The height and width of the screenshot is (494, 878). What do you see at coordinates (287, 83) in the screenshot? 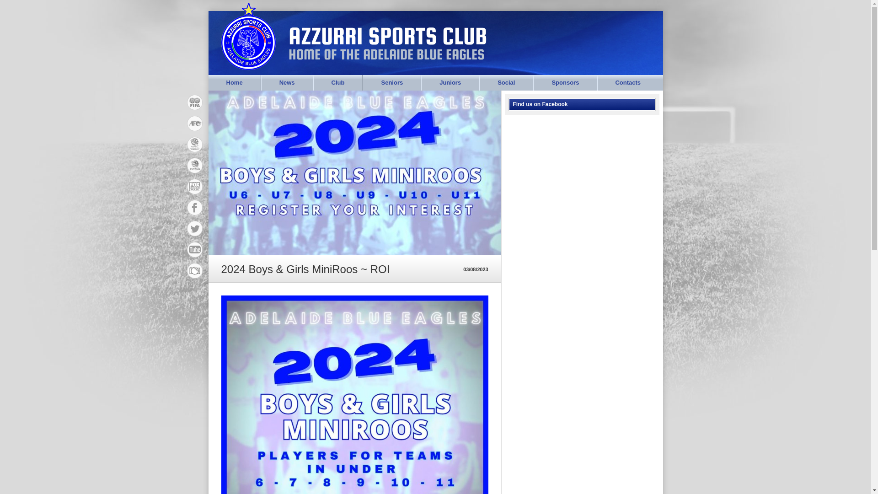
I see `'News'` at bounding box center [287, 83].